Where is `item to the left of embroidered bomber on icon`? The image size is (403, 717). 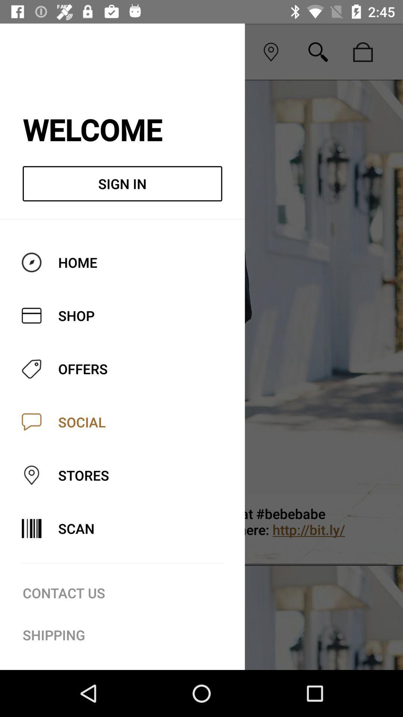
item to the left of embroidered bomber on icon is located at coordinates (31, 525).